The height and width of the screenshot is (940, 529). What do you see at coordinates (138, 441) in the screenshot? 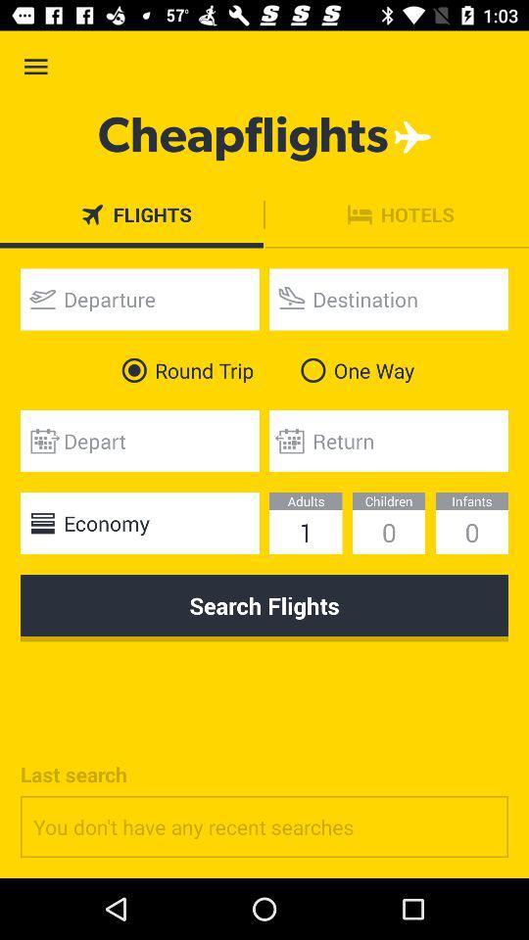
I see `departure date` at bounding box center [138, 441].